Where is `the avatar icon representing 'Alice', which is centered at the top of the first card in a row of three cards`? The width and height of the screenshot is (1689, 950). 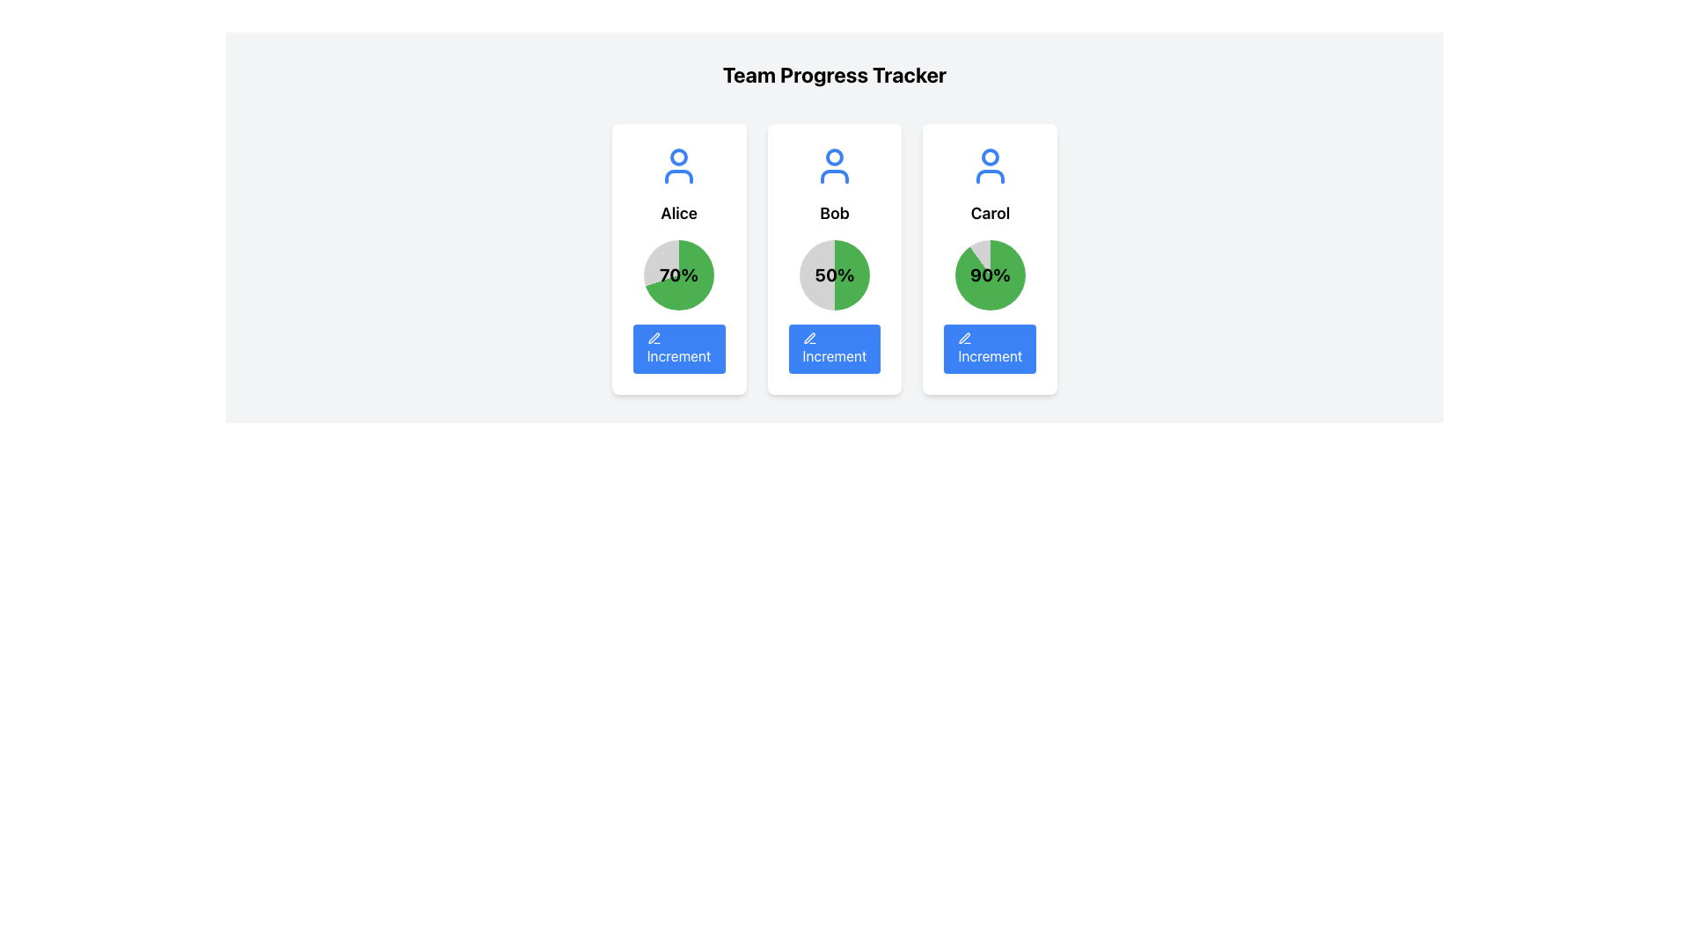
the avatar icon representing 'Alice', which is centered at the top of the first card in a row of three cards is located at coordinates (678, 166).